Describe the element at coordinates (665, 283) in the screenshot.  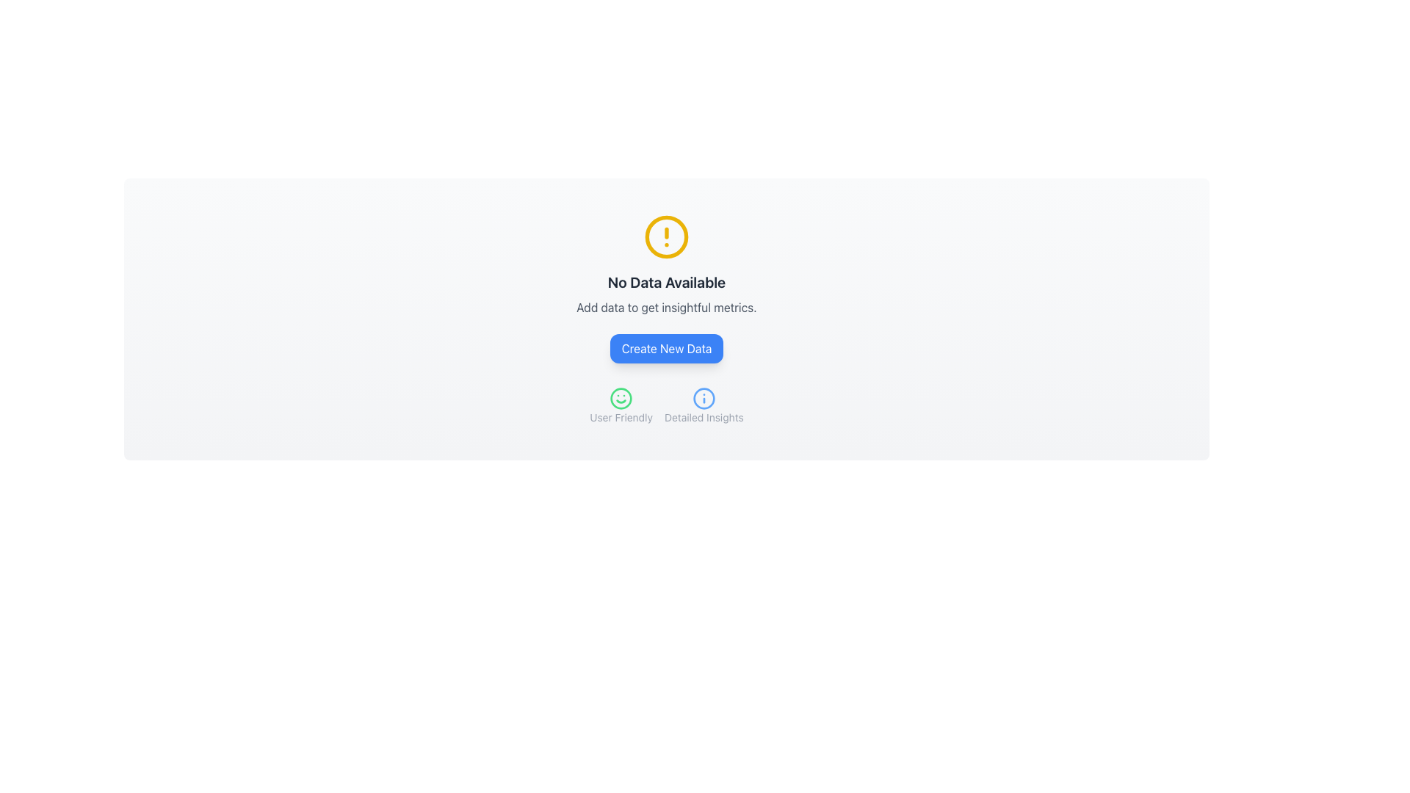
I see `the Text Display Element that displays 'No Data Available' in a bold, large serif font, located below an exclamation mark icon and above the text 'Add data to get insightful metrics.'` at that location.